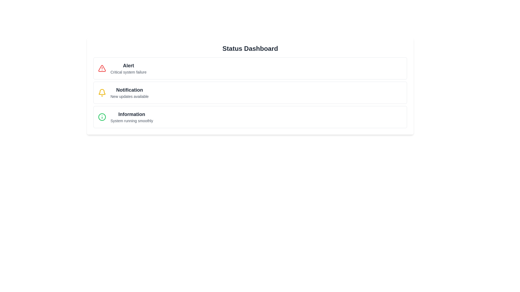  What do you see at coordinates (250, 49) in the screenshot?
I see `the Text Label that serves as a title or header for the panel, positioned at the top of a white panel above three stacked notifications` at bounding box center [250, 49].